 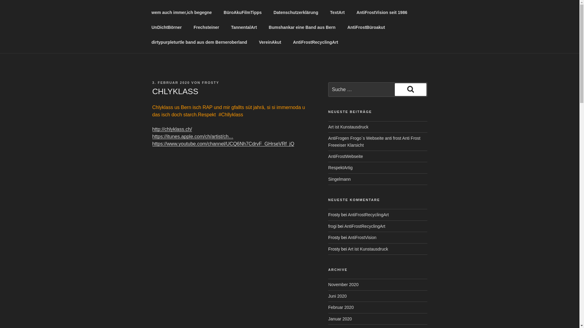 What do you see at coordinates (302, 27) in the screenshot?
I see `'Bumshankar eine Band aus Bern'` at bounding box center [302, 27].